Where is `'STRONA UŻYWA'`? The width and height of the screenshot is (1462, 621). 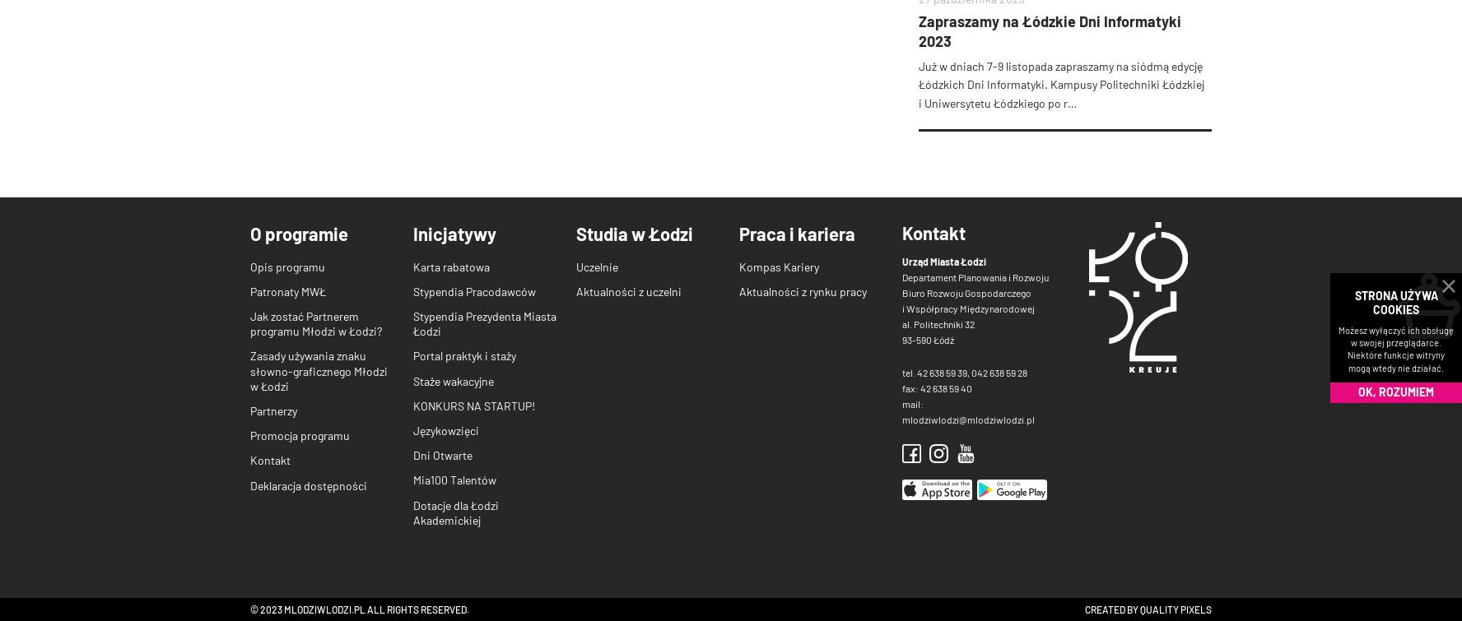 'STRONA UŻYWA' is located at coordinates (1394, 295).